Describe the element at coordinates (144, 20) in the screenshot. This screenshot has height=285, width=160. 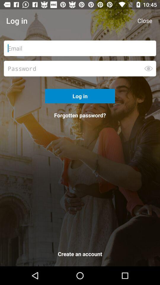
I see `icon to the right of the log in item` at that location.